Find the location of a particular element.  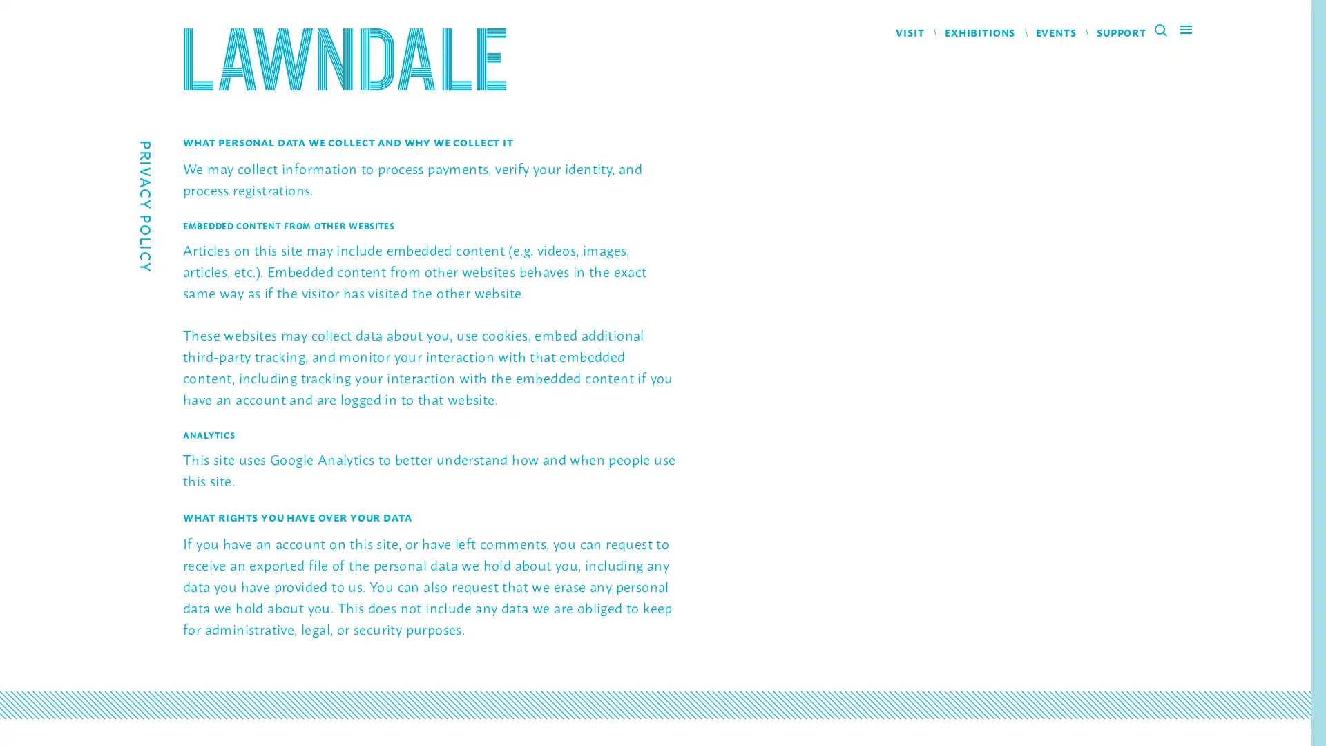

Search is located at coordinates (1165, 32).